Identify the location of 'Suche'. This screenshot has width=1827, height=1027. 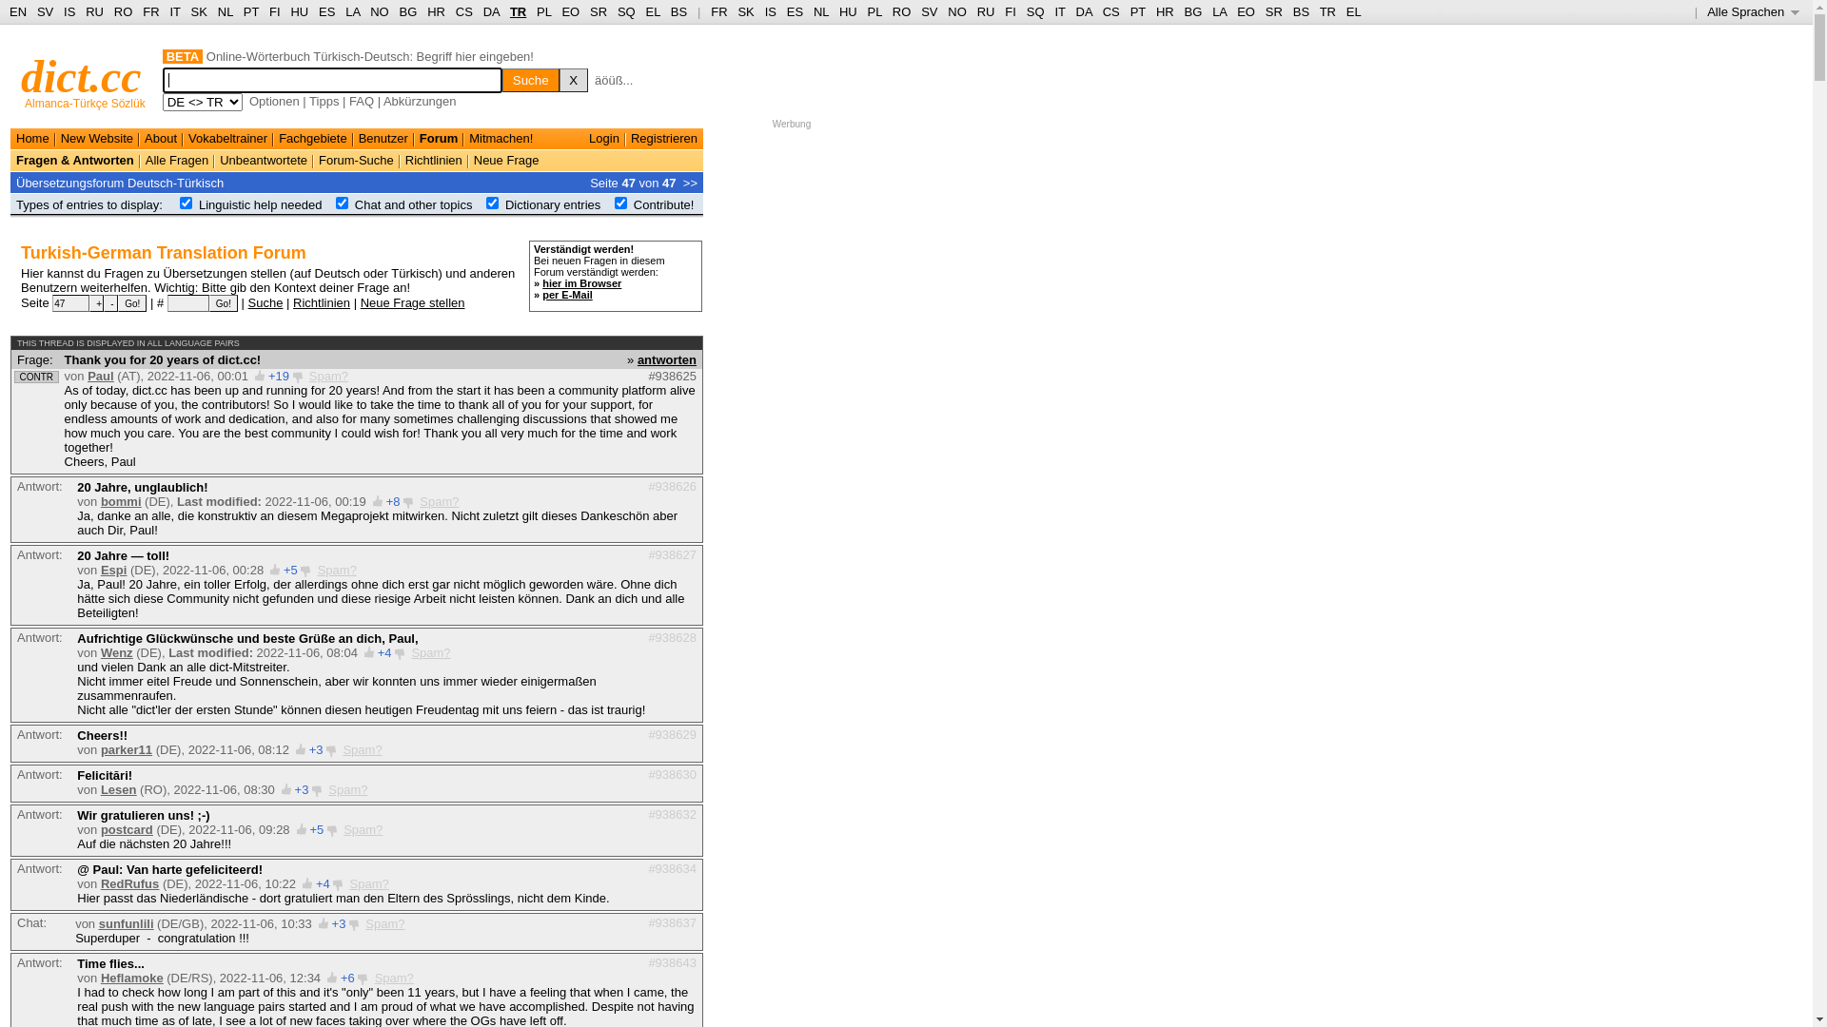
(265, 300).